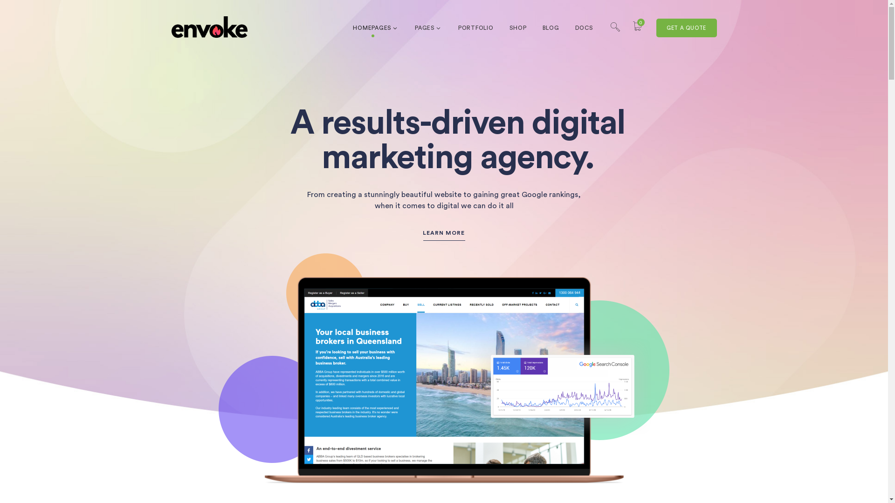  I want to click on 'PAGES', so click(428, 27).